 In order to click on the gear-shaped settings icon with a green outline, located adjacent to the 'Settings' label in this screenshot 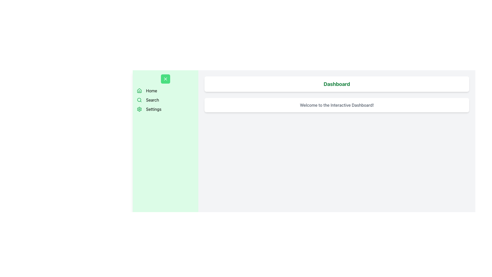, I will do `click(139, 109)`.